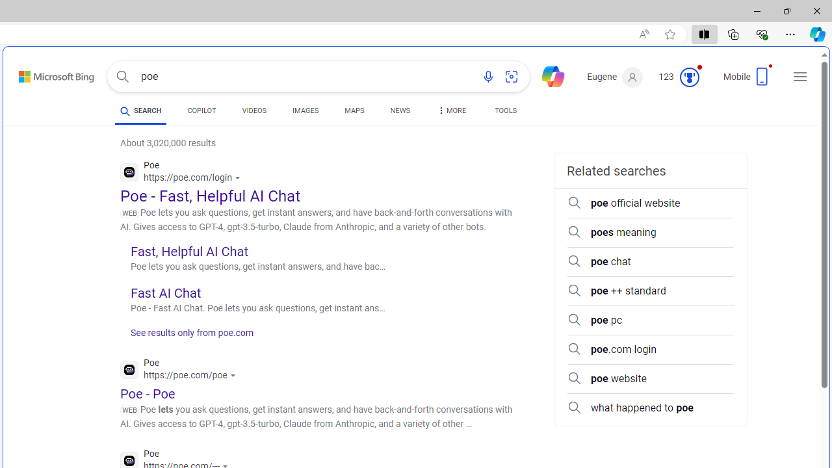  What do you see at coordinates (547, 75) in the screenshot?
I see `'Chat'` at bounding box center [547, 75].